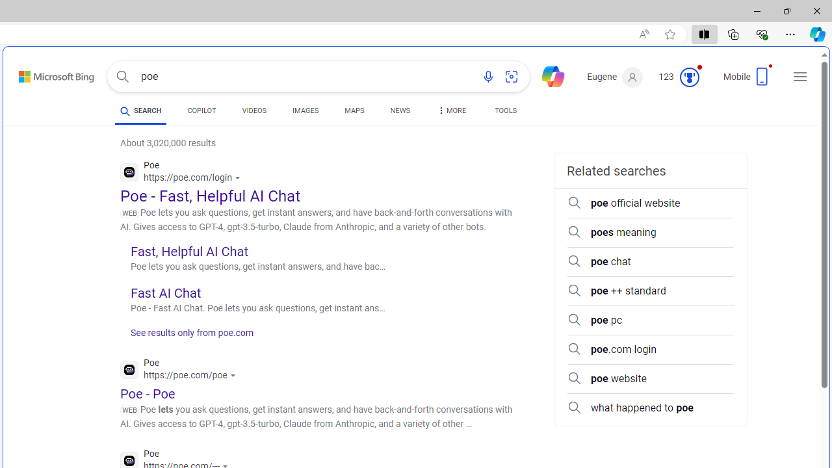  What do you see at coordinates (547, 75) in the screenshot?
I see `'Chat'` at bounding box center [547, 75].